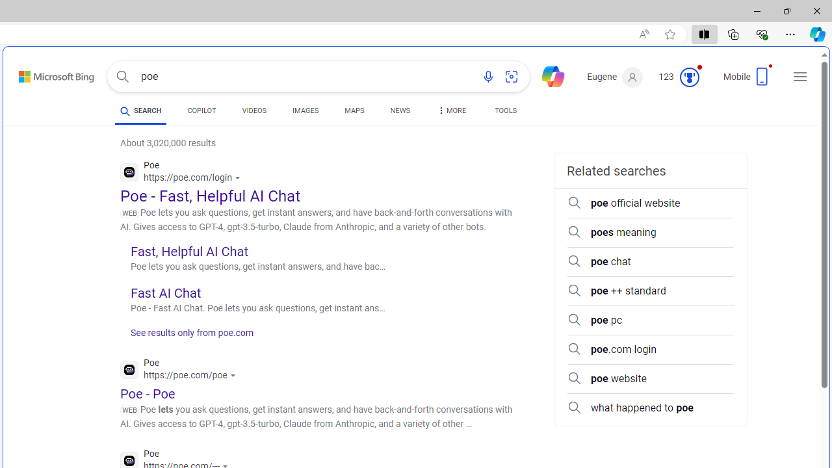  What do you see at coordinates (547, 75) in the screenshot?
I see `'Chat'` at bounding box center [547, 75].